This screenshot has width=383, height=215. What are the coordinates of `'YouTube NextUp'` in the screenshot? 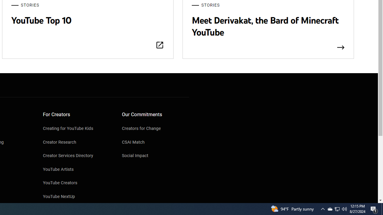 It's located at (76, 197).